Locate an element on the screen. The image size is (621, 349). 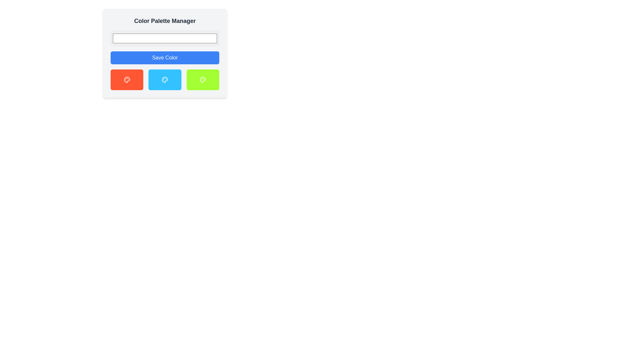
the vibrant orange button with rounded corners, which is the first button in a row of three, located in the 'Color Palette Manager' component is located at coordinates (127, 79).